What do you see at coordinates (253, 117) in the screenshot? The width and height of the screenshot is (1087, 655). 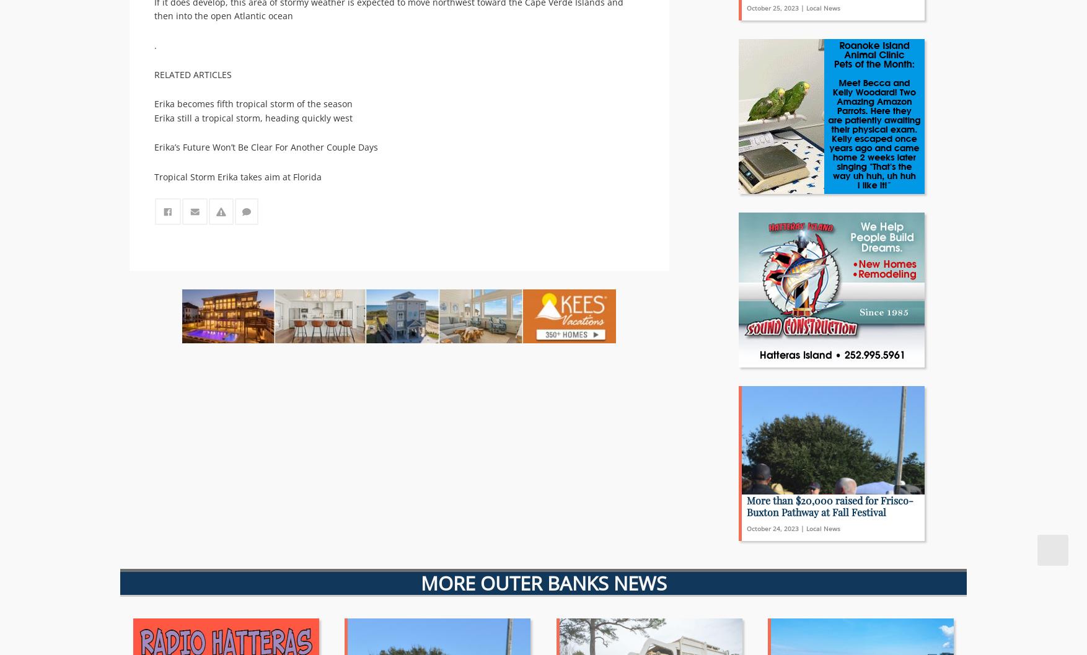 I see `'Erika still a tropical storm, heading quickly west'` at bounding box center [253, 117].